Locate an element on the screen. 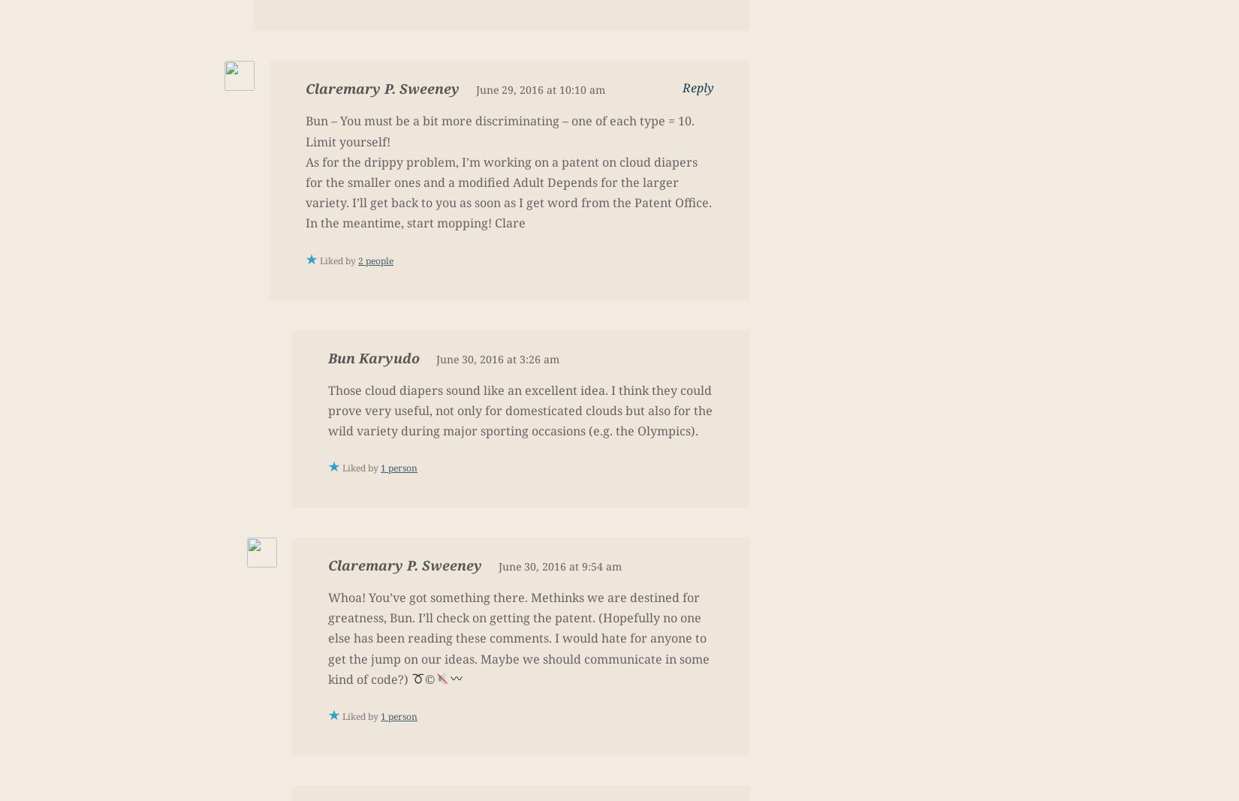 The image size is (1239, 801). 'As for the drippy problem, I’m working on a patent on  cloud diapers for the smaller ones and a modified Adult Depends for the larger variety. I’ll get back to you as soon as I get word from the Patent Office. In the meantime, start mopping! Clare' is located at coordinates (508, 191).